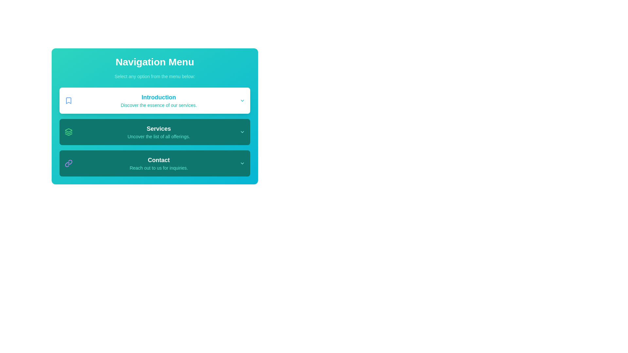 The width and height of the screenshot is (628, 353). Describe the element at coordinates (159, 132) in the screenshot. I see `the 'Services' button-like navigational link element with a teal background` at that location.